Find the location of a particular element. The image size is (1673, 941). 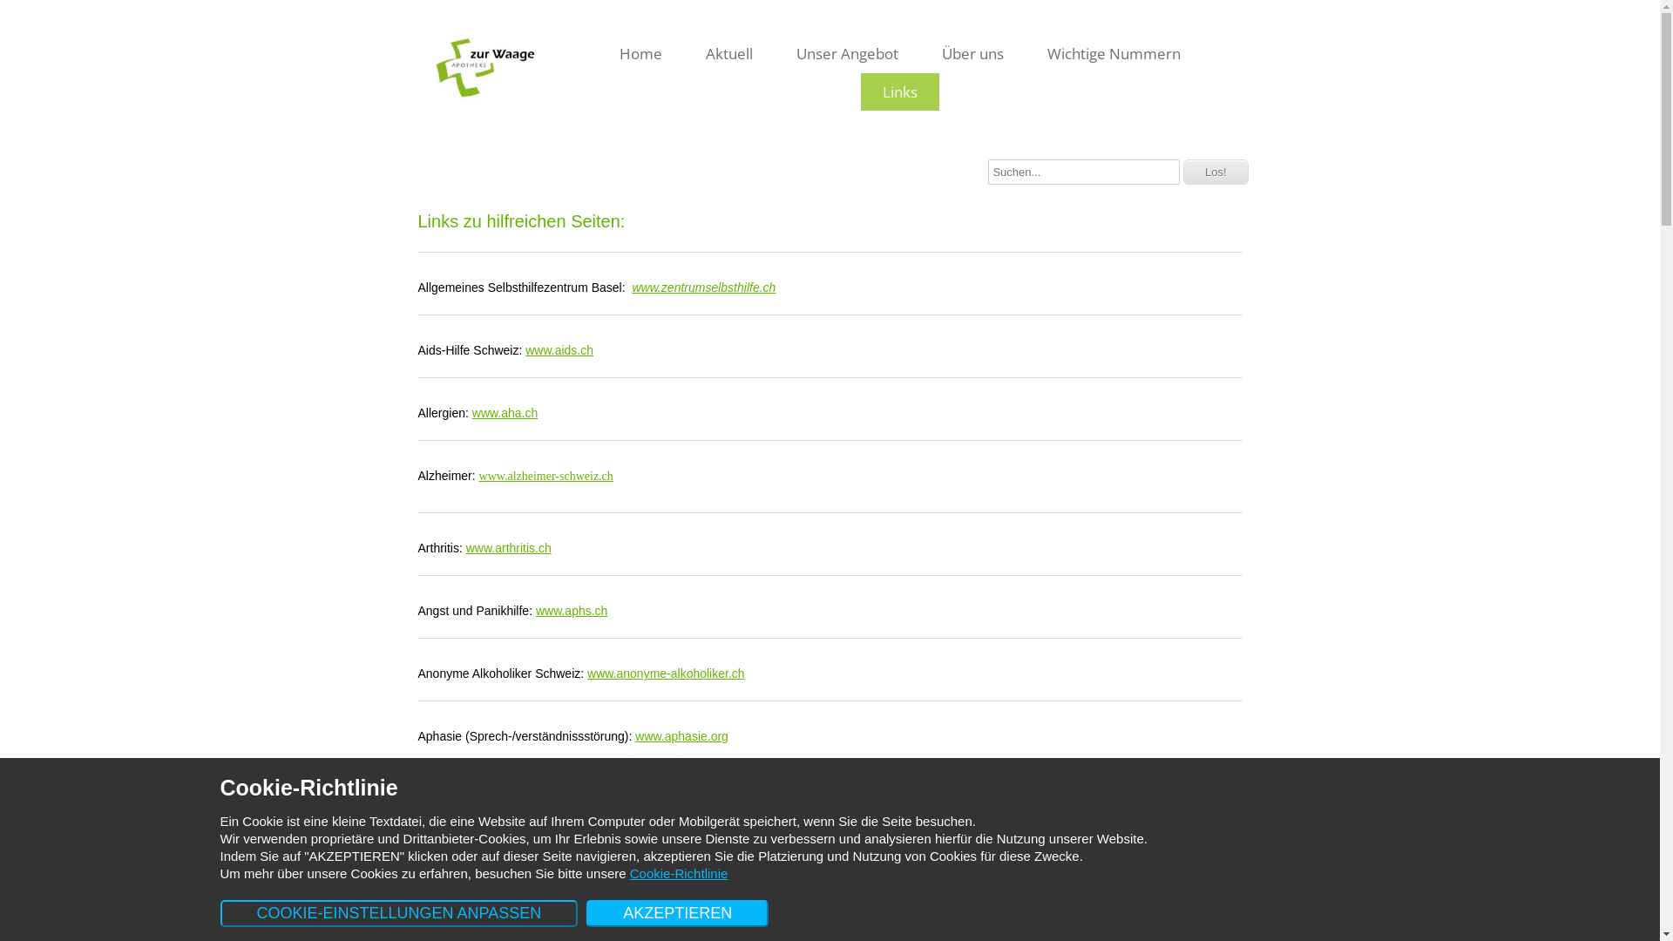

'Wichtige Nummern' is located at coordinates (1113, 52).